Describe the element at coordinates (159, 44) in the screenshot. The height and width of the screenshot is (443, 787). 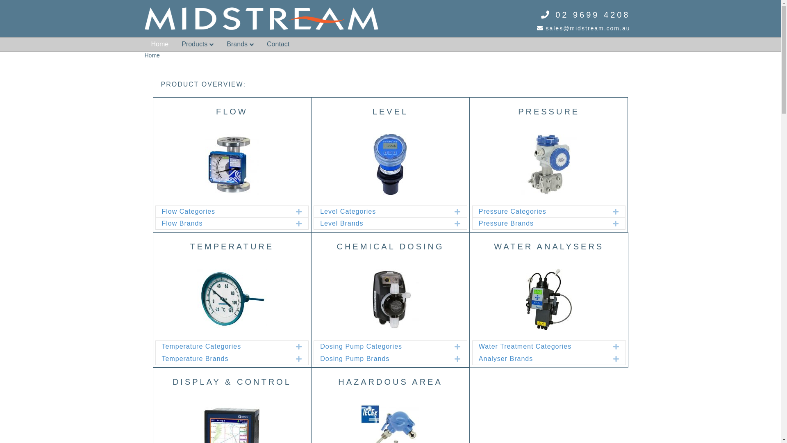
I see `'Home'` at that location.